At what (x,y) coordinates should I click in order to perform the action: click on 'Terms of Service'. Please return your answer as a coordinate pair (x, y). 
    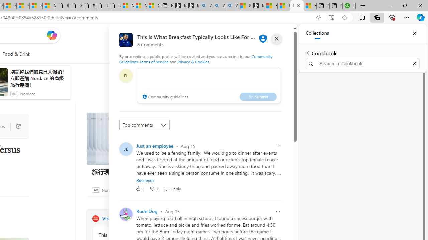
    Looking at the image, I should click on (154, 62).